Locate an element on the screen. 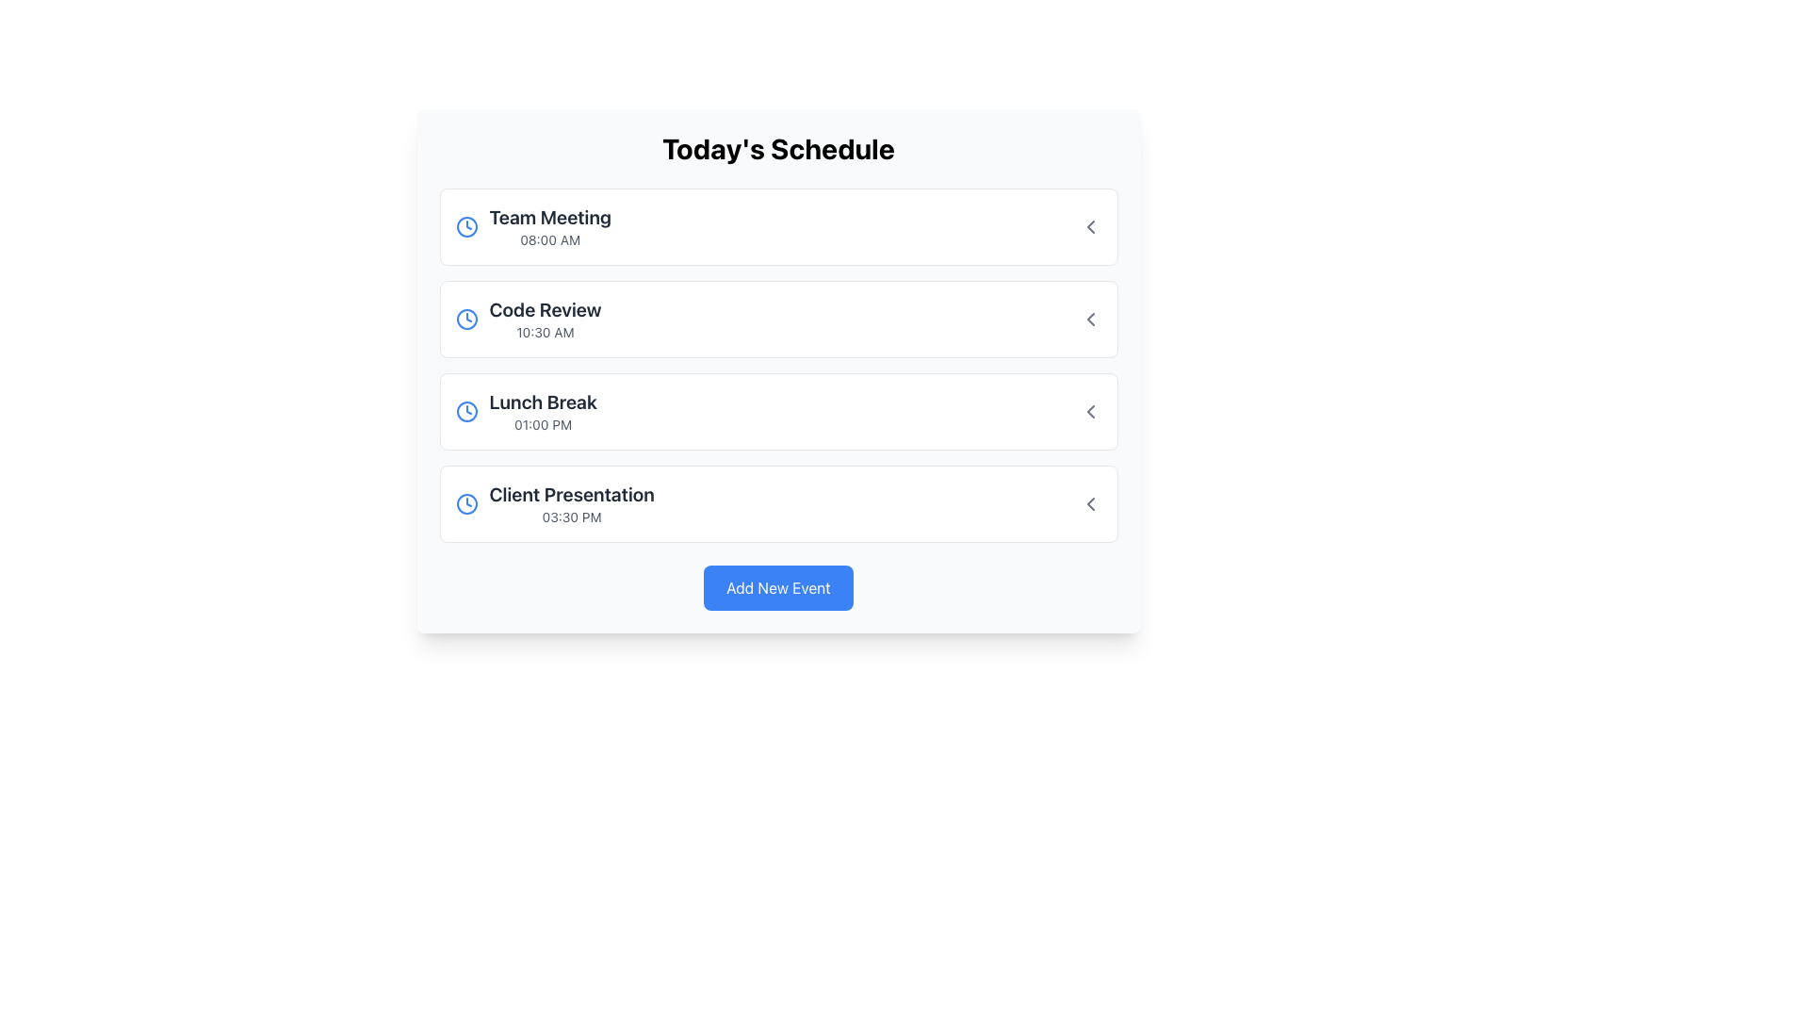 The height and width of the screenshot is (1018, 1809). the fourth item in the list of scheduled events under 'Today's Schedule' to interact with the client presentation details is located at coordinates (778, 503).